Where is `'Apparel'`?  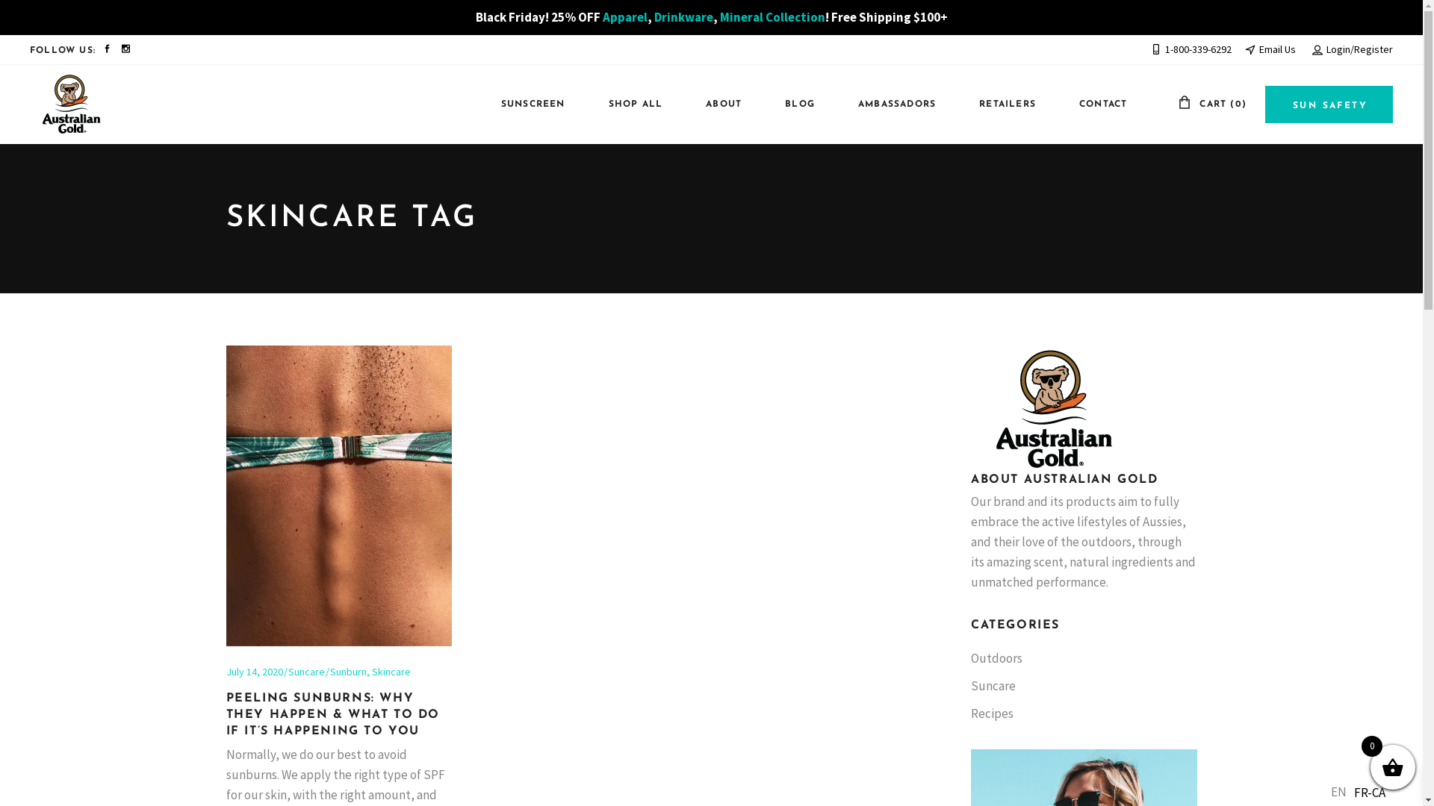 'Apparel' is located at coordinates (624, 17).